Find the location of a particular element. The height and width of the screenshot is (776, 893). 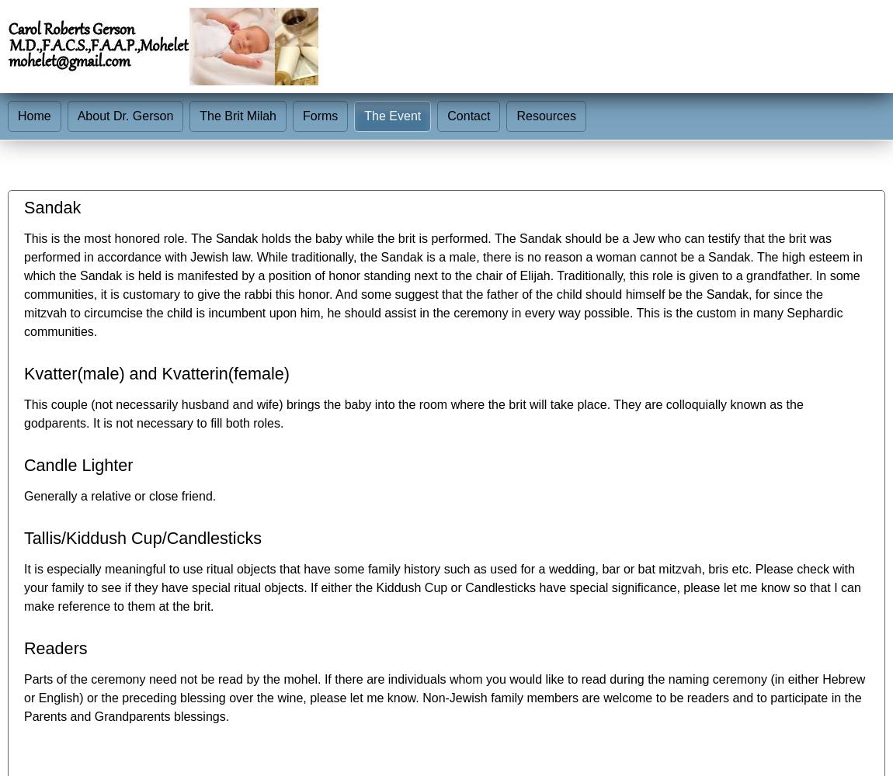

'Candle Lighter' is located at coordinates (23, 464).